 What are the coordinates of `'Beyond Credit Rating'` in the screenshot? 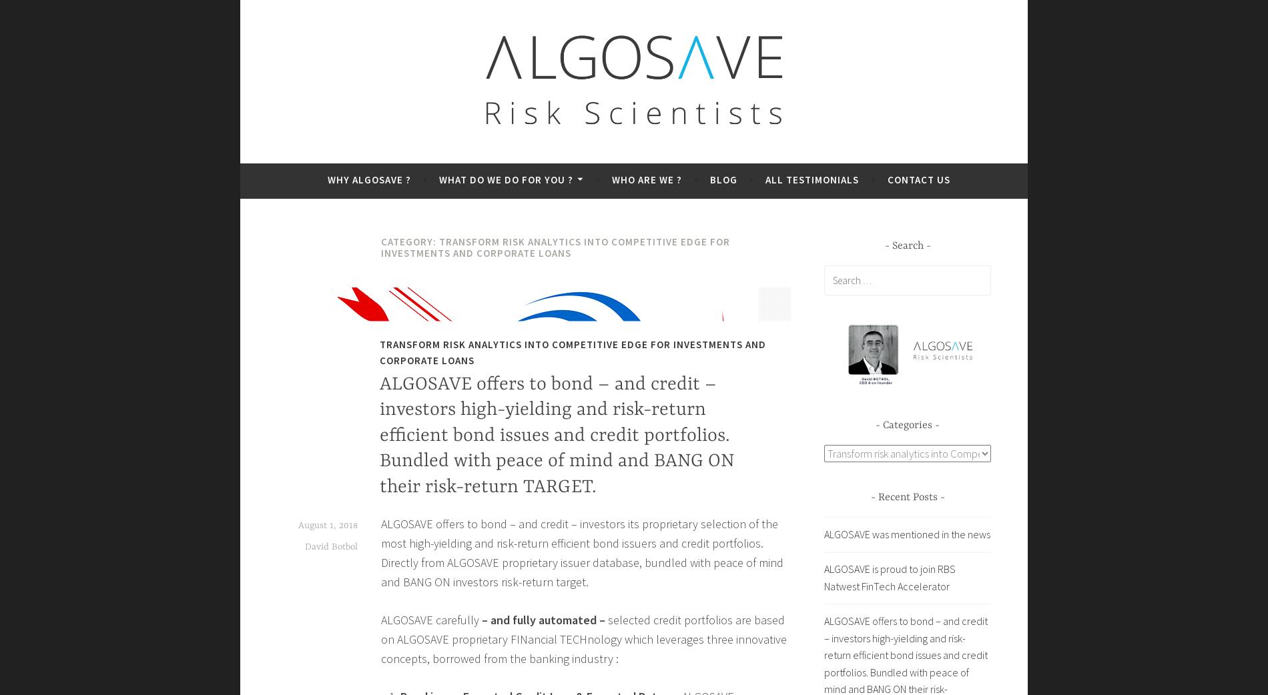 It's located at (283, 142).